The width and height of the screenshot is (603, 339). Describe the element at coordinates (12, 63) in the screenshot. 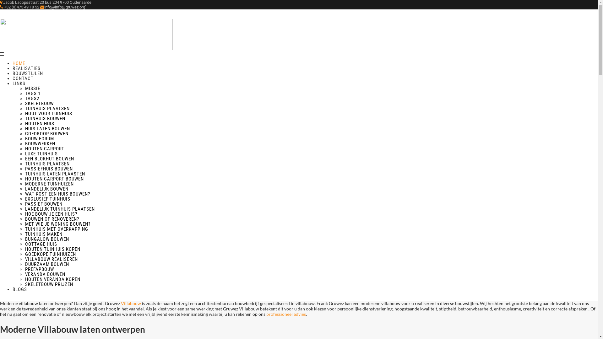

I see `'HOME'` at that location.